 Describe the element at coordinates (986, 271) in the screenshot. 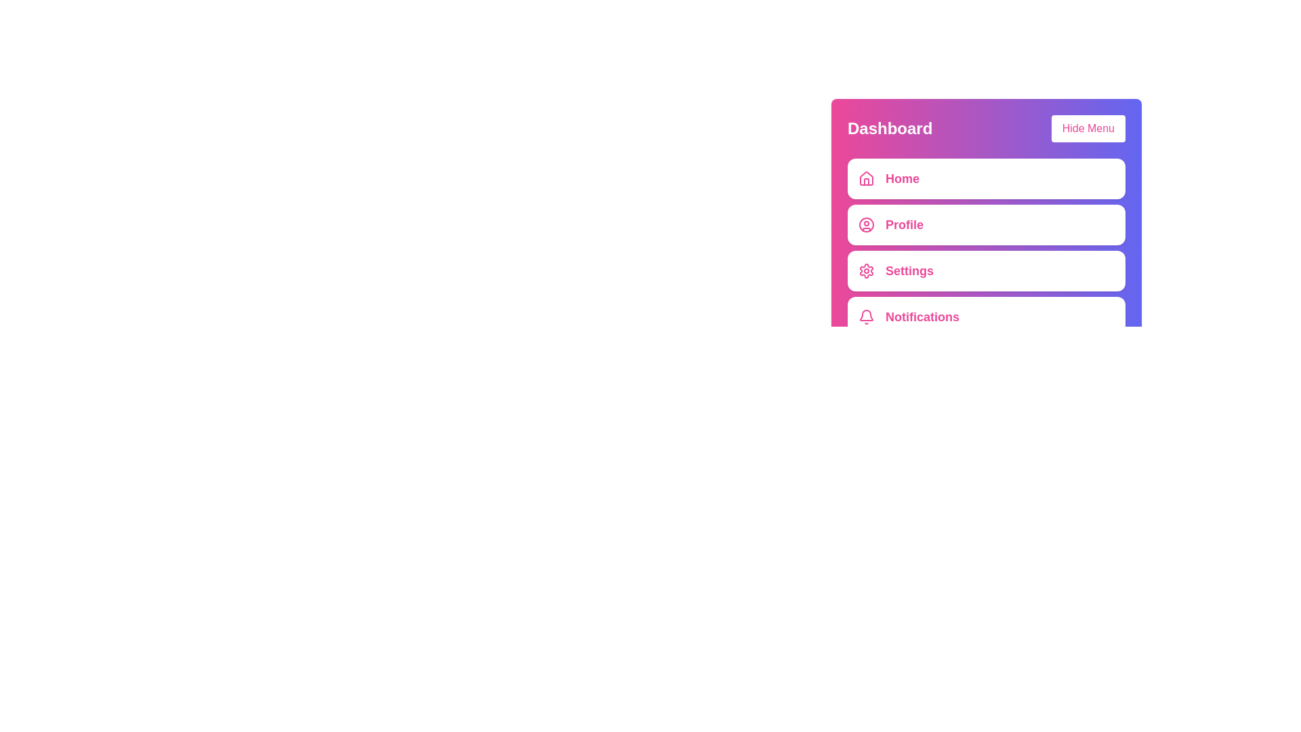

I see `the menu item labeled Settings to observe its hover effect` at that location.